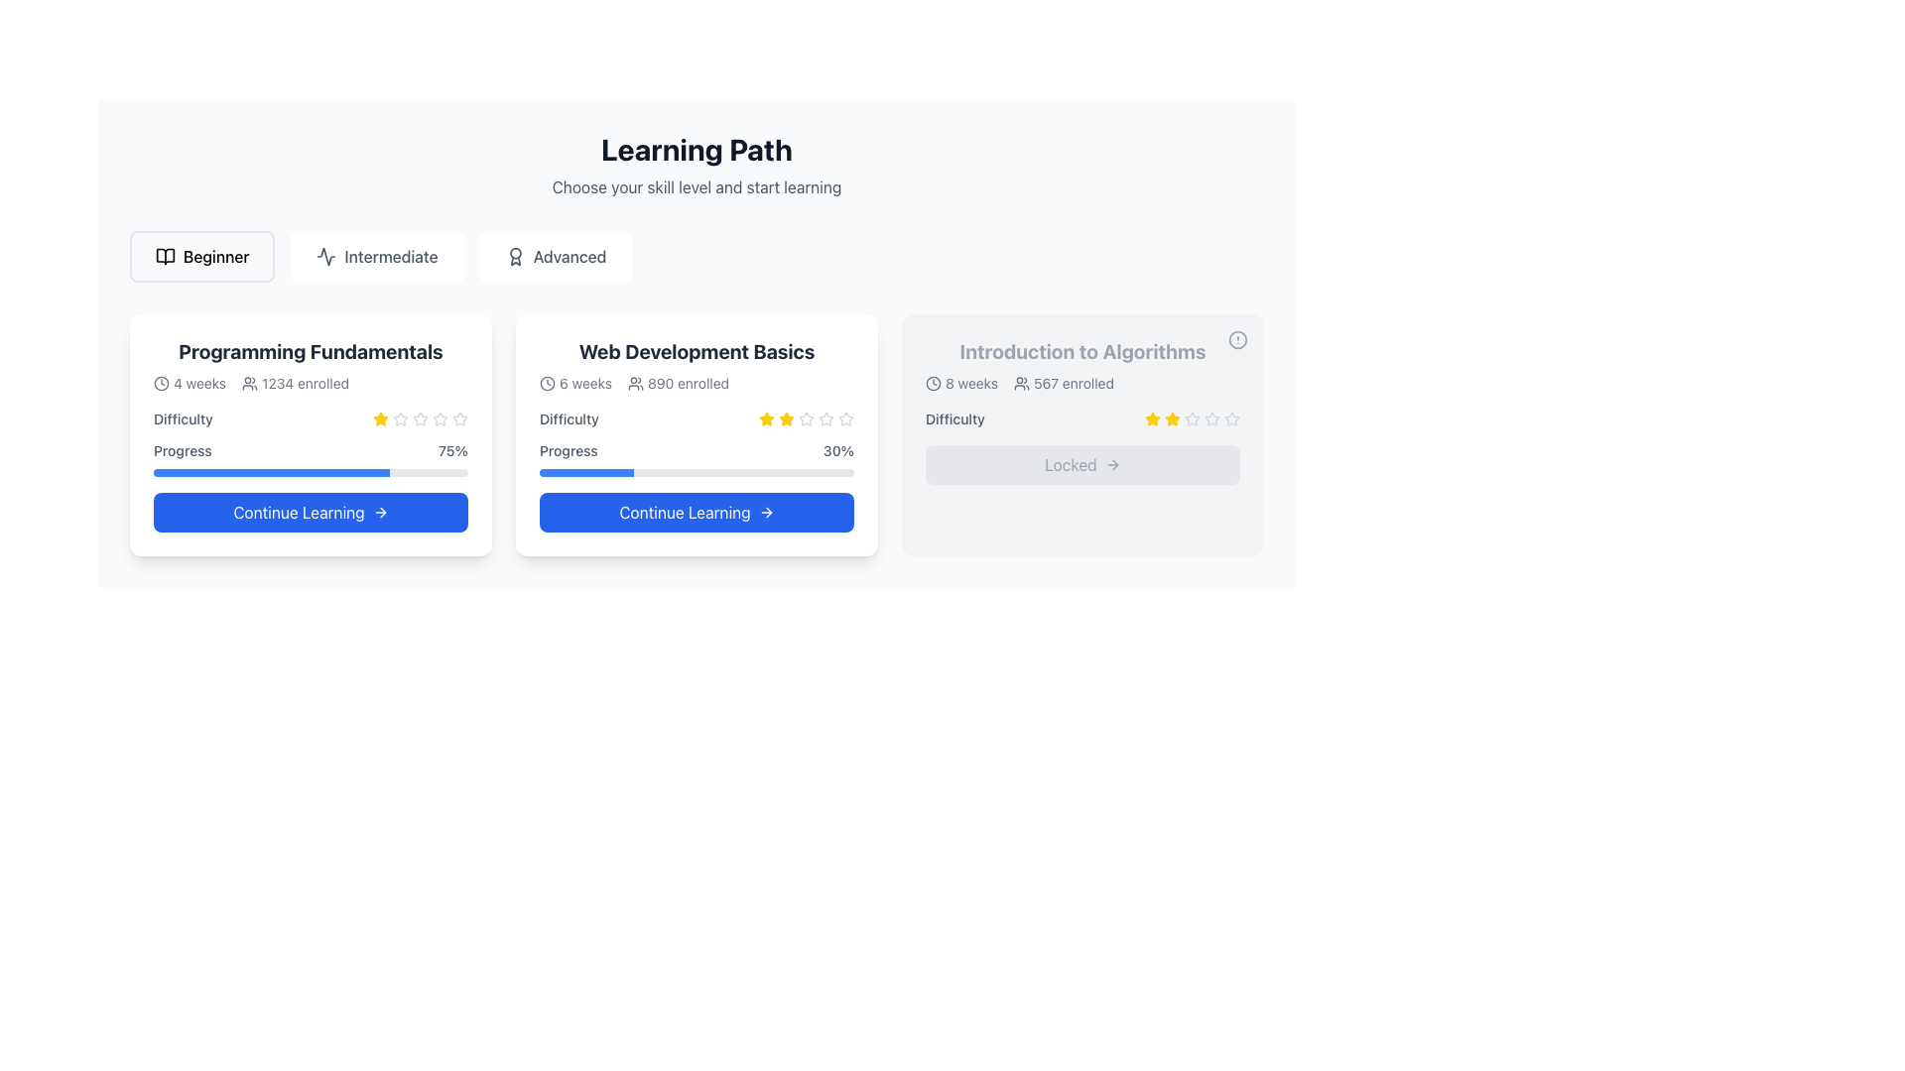 This screenshot has width=1905, height=1071. Describe the element at coordinates (183, 451) in the screenshot. I see `the 'Progress' text label, which displays the word 'Progress' in gray color, positioned within the 'Programming Fundamentals' section and aligned horizontally with '75%'` at that location.